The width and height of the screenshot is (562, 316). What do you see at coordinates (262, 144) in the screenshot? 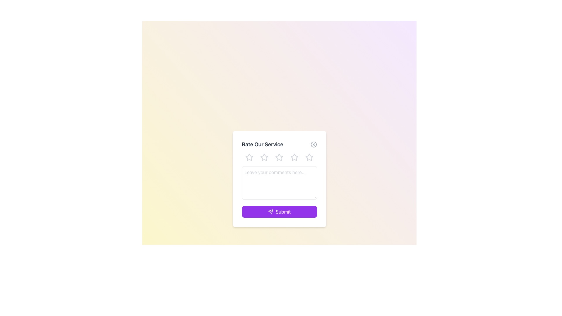
I see `text component displaying 'Rate Our Service' in bold dark gray at the top of the feedback card` at bounding box center [262, 144].